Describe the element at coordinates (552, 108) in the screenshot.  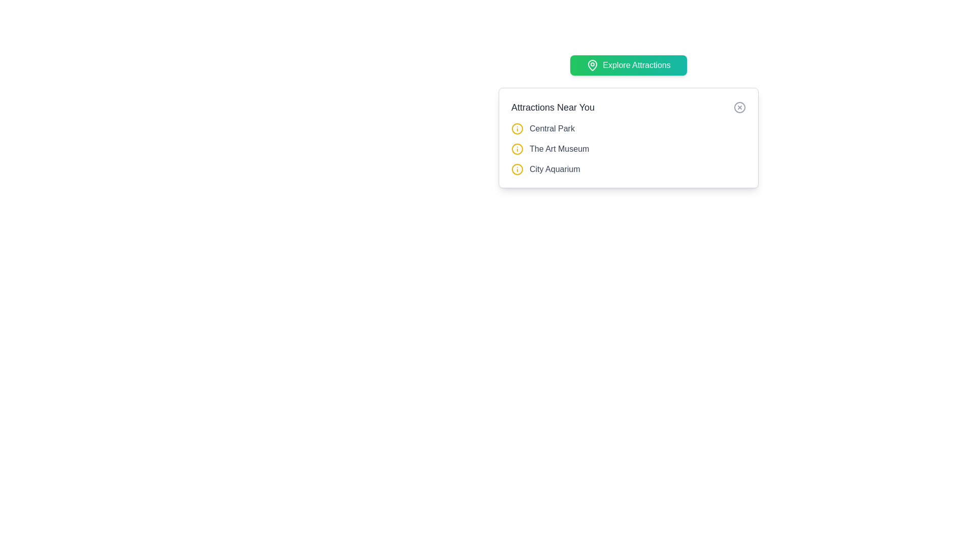
I see `the text label reading 'Attractions Near You'` at that location.